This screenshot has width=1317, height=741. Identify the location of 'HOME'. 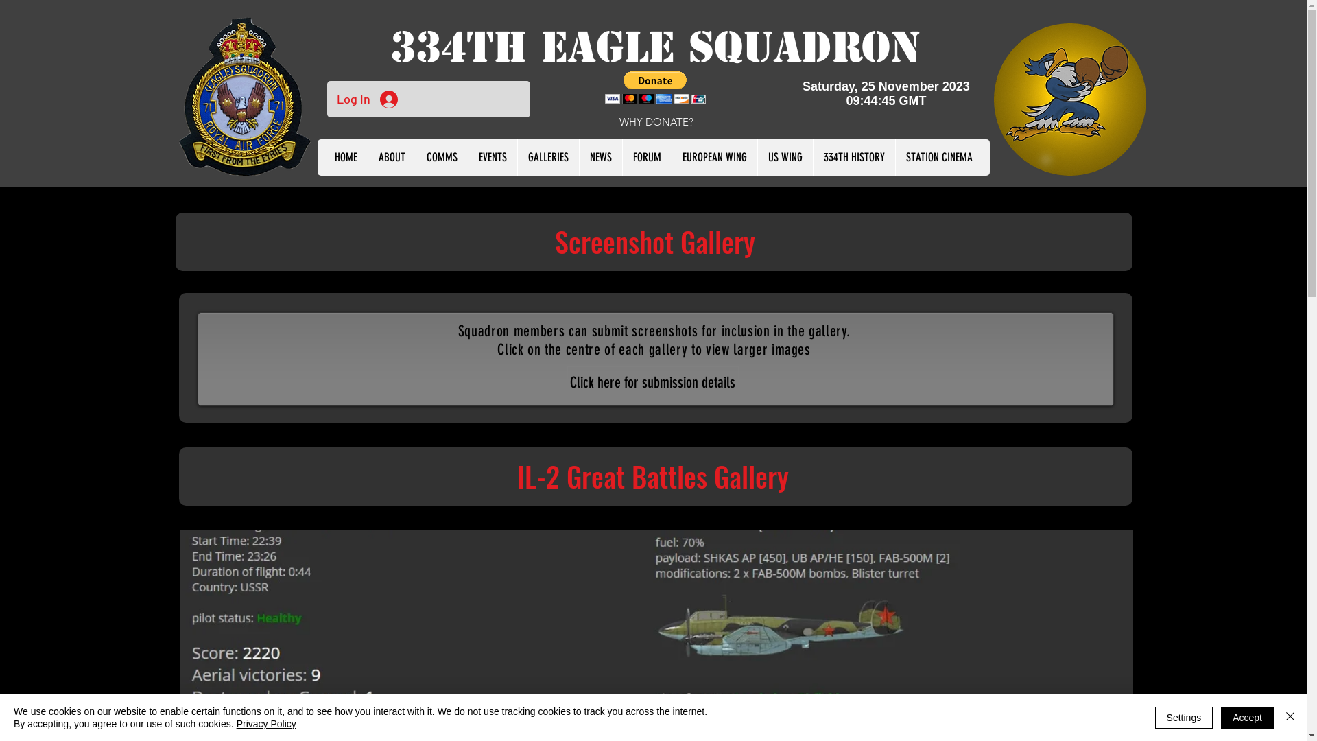
(346, 156).